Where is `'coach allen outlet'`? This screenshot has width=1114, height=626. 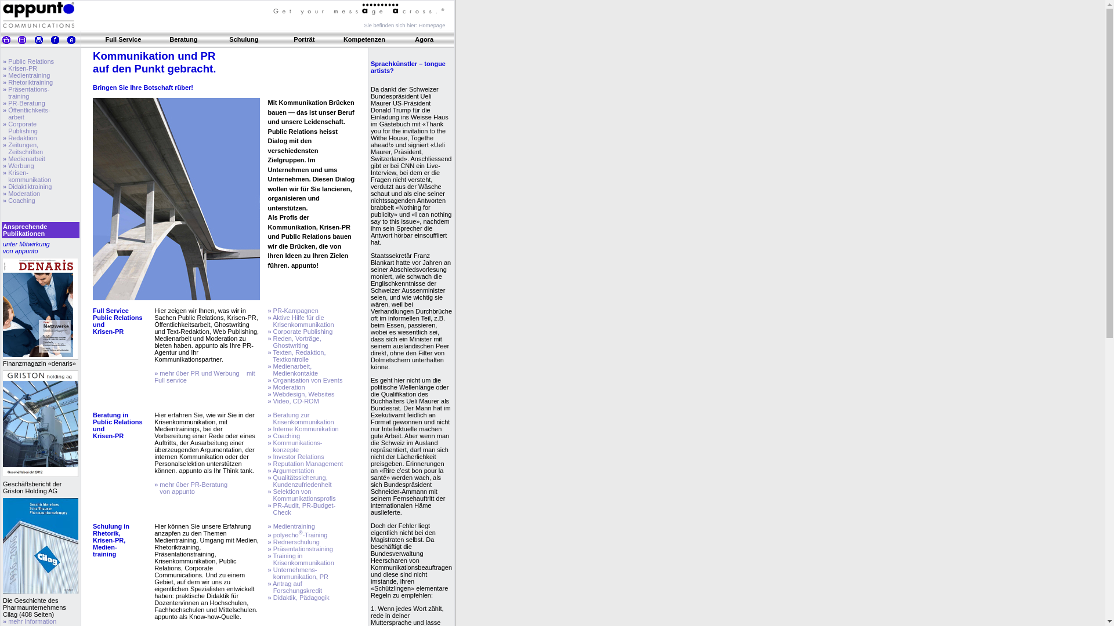 'coach allen outlet' is located at coordinates (20, 50).